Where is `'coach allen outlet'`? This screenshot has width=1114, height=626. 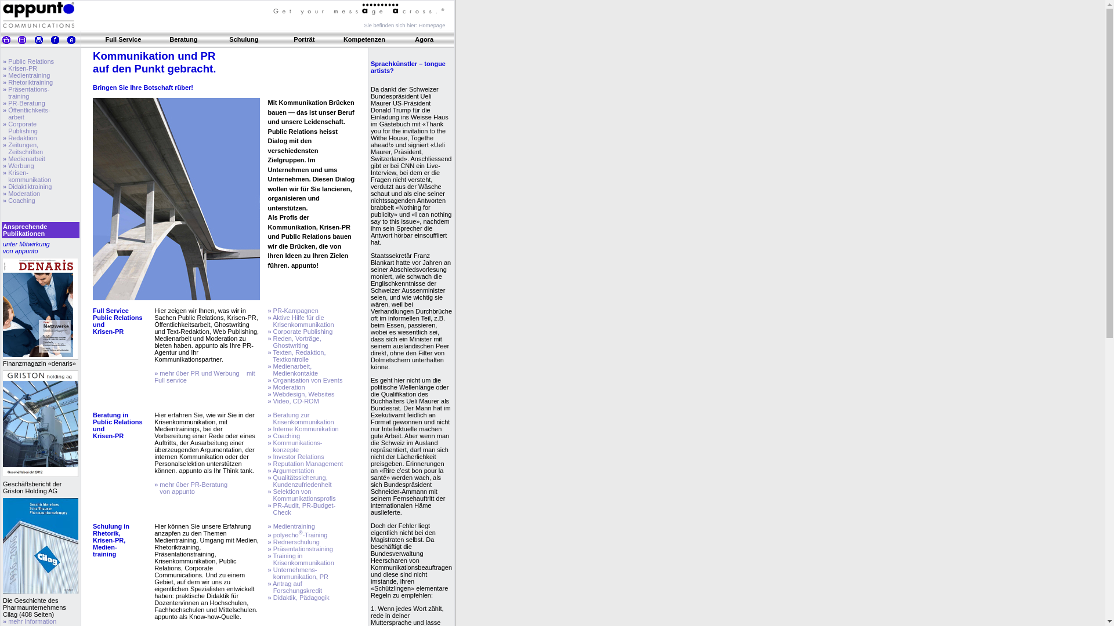 'coach allen outlet' is located at coordinates (20, 50).